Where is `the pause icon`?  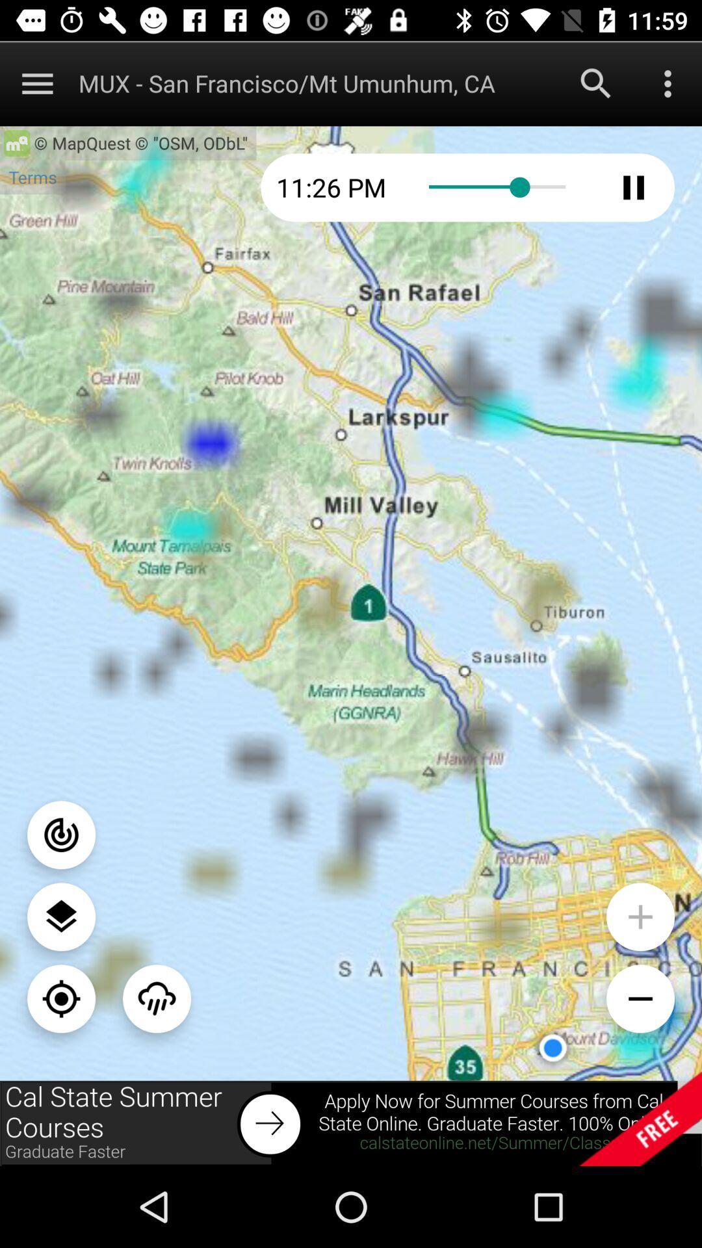 the pause icon is located at coordinates (633, 187).